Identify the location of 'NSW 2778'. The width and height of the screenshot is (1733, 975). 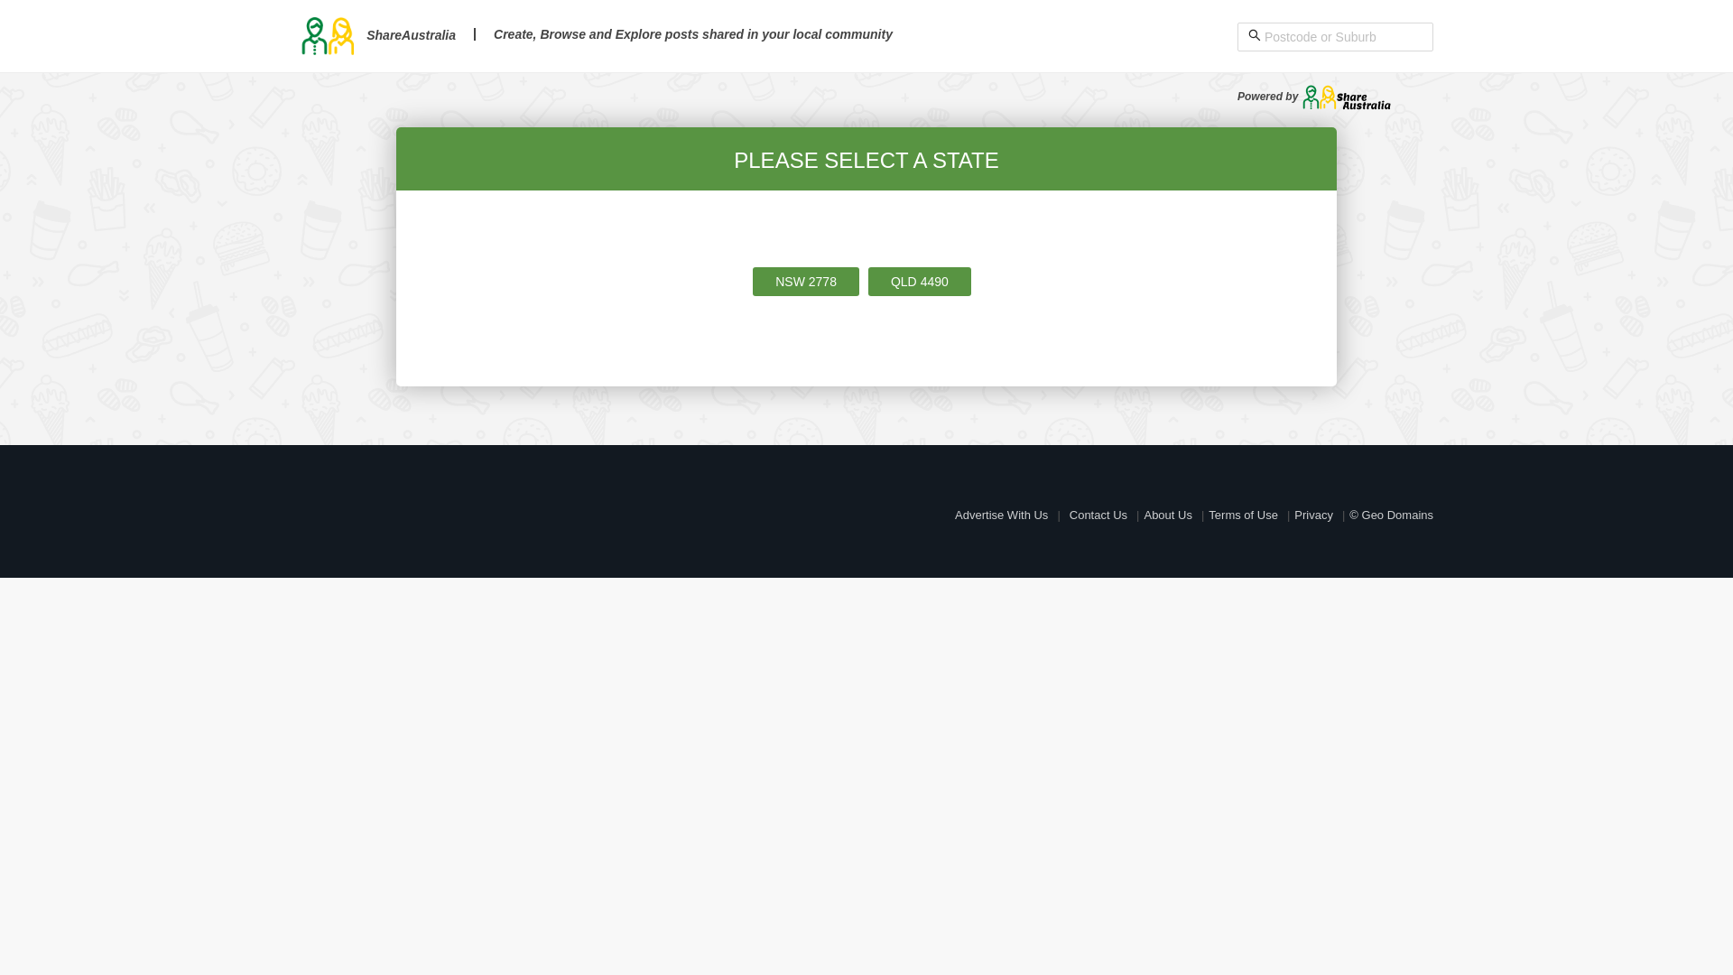
(804, 282).